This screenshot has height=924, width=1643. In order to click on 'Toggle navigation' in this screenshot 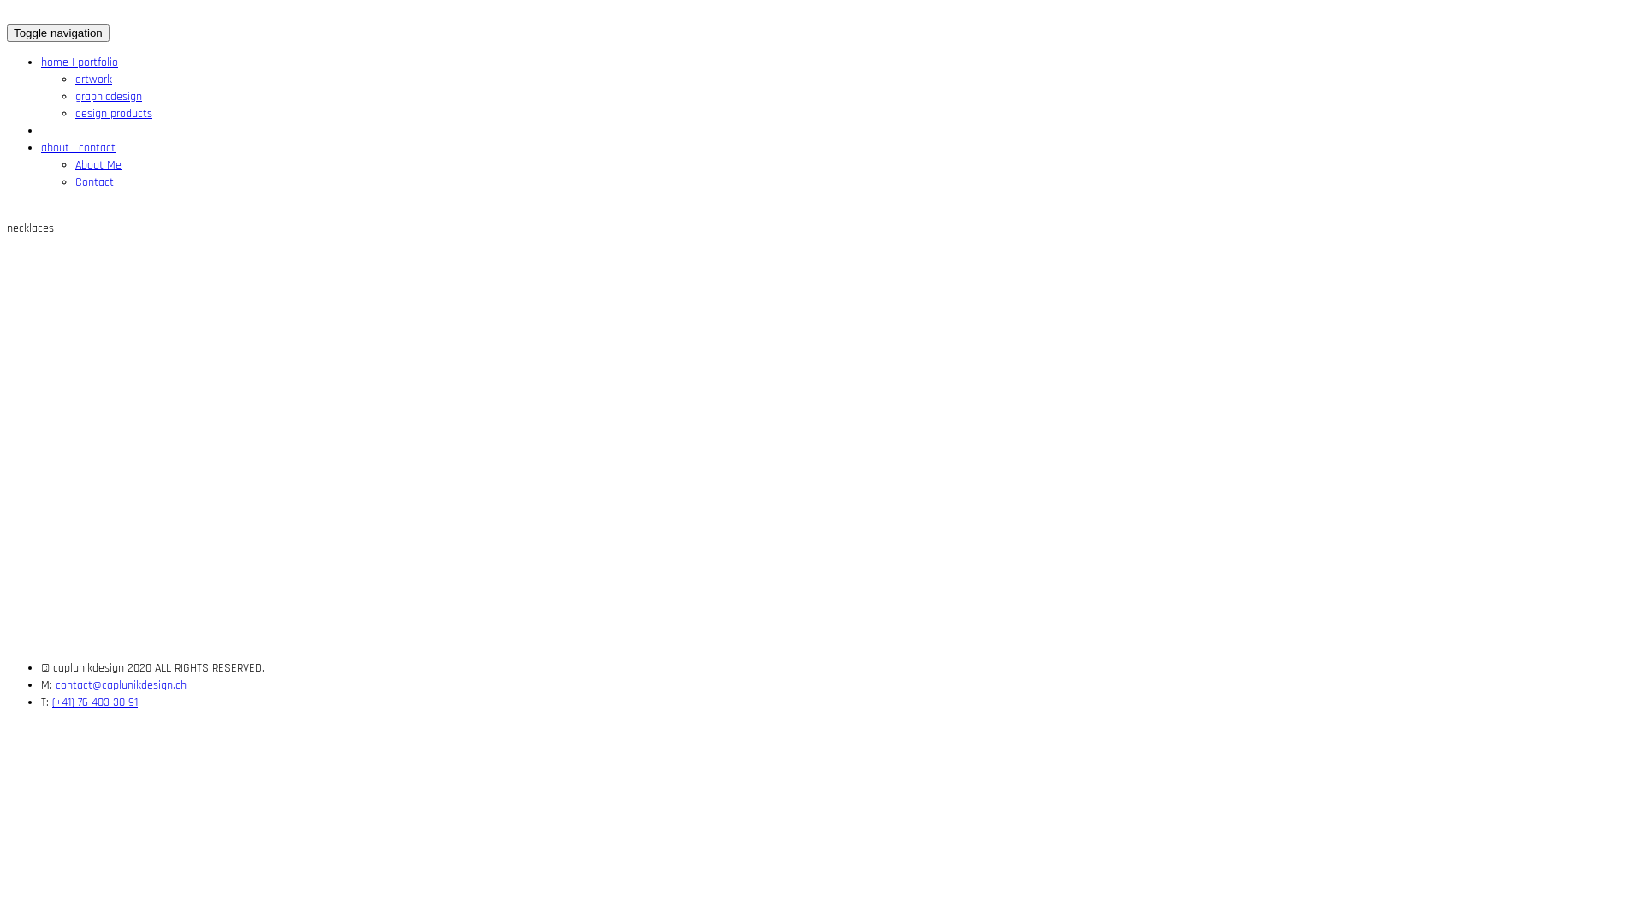, I will do `click(57, 33)`.